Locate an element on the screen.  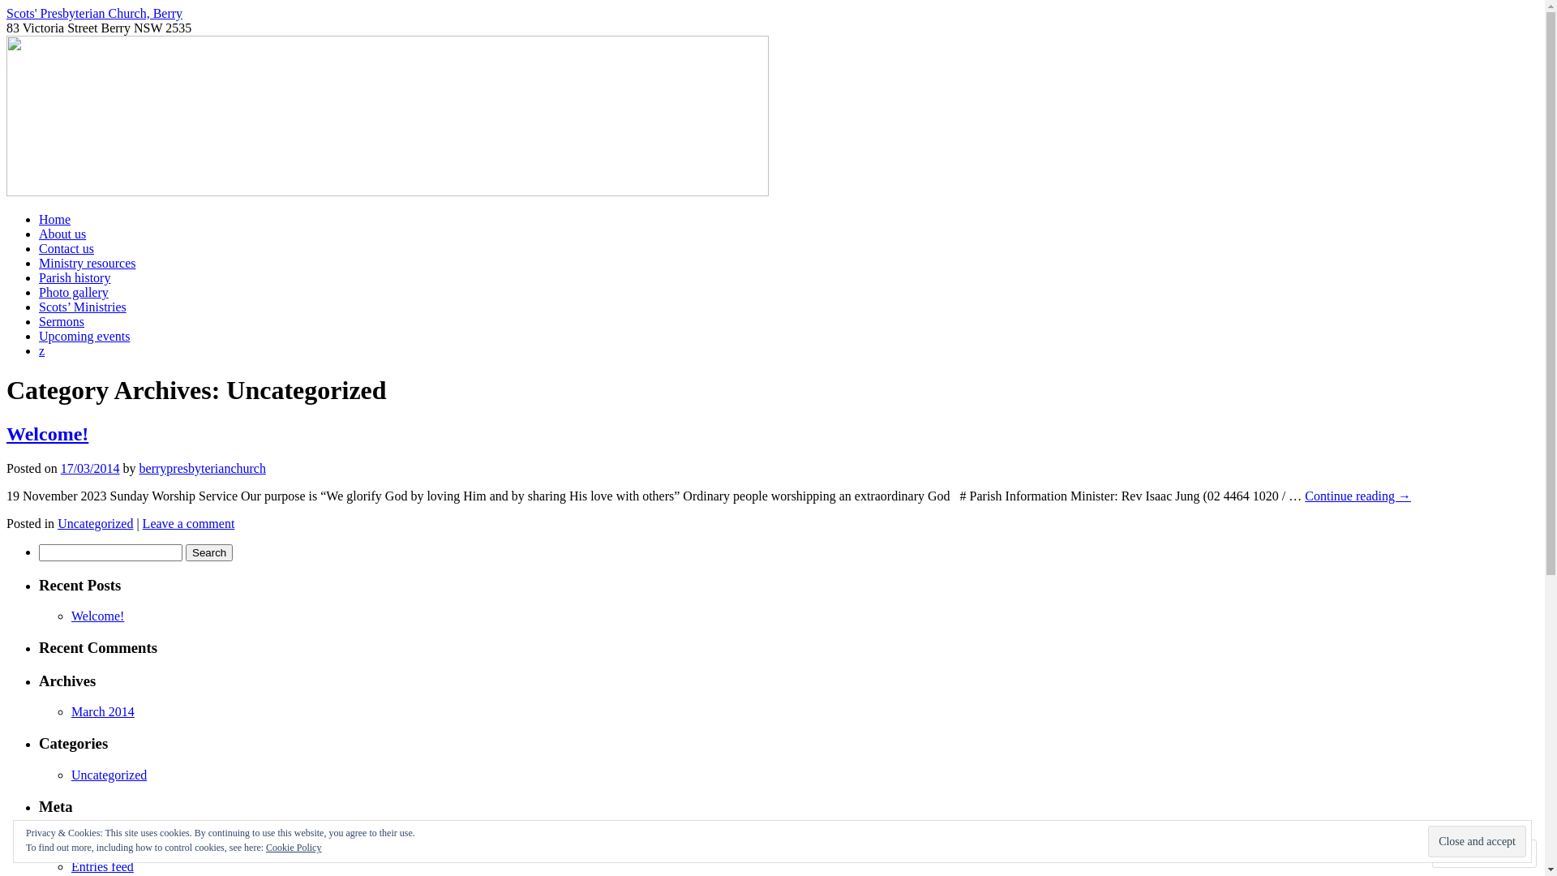
'Upcoming events' is located at coordinates (84, 335).